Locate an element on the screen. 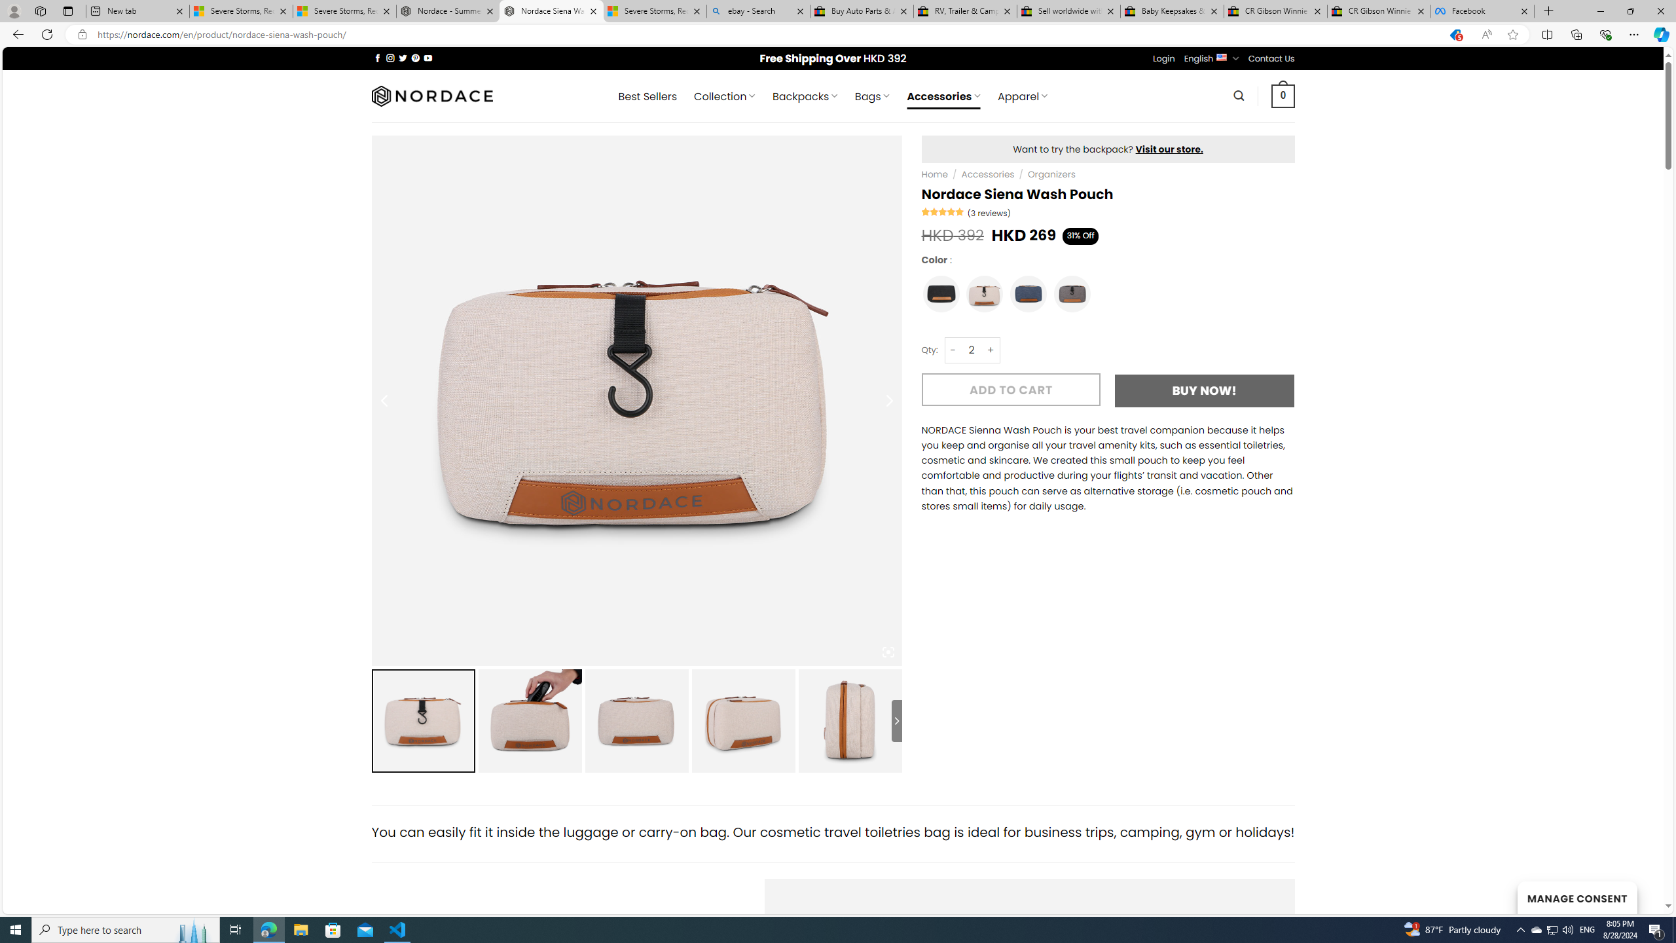 This screenshot has height=943, width=1676. 'Baby Keepsakes & Announcements for sale | eBay' is located at coordinates (1171, 10).